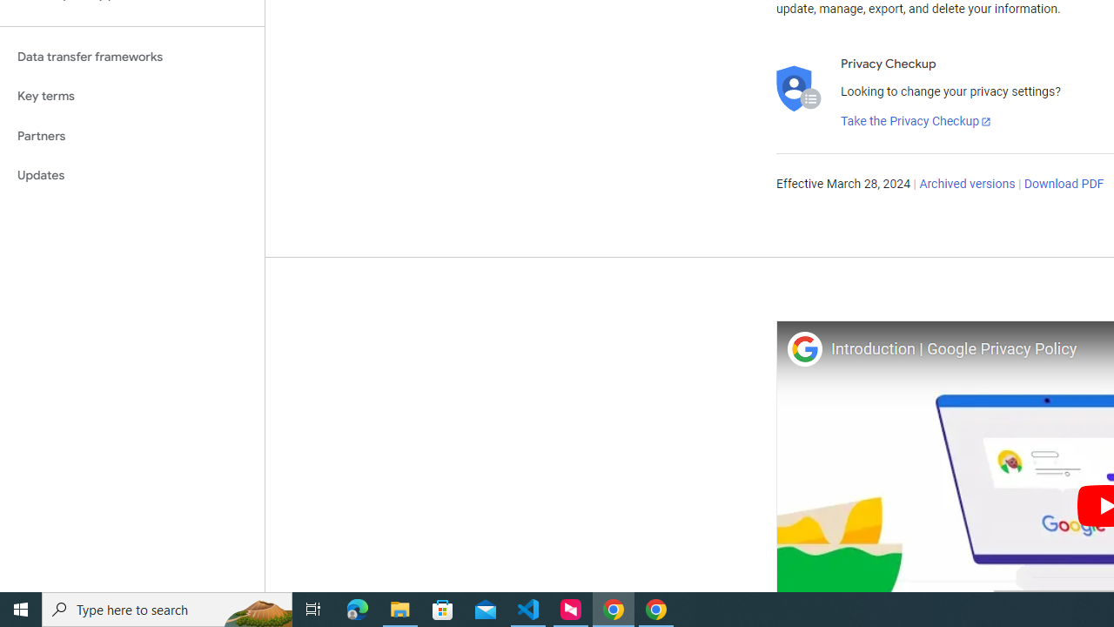 The width and height of the screenshot is (1114, 627). Describe the element at coordinates (966, 185) in the screenshot. I see `'Archived versions'` at that location.